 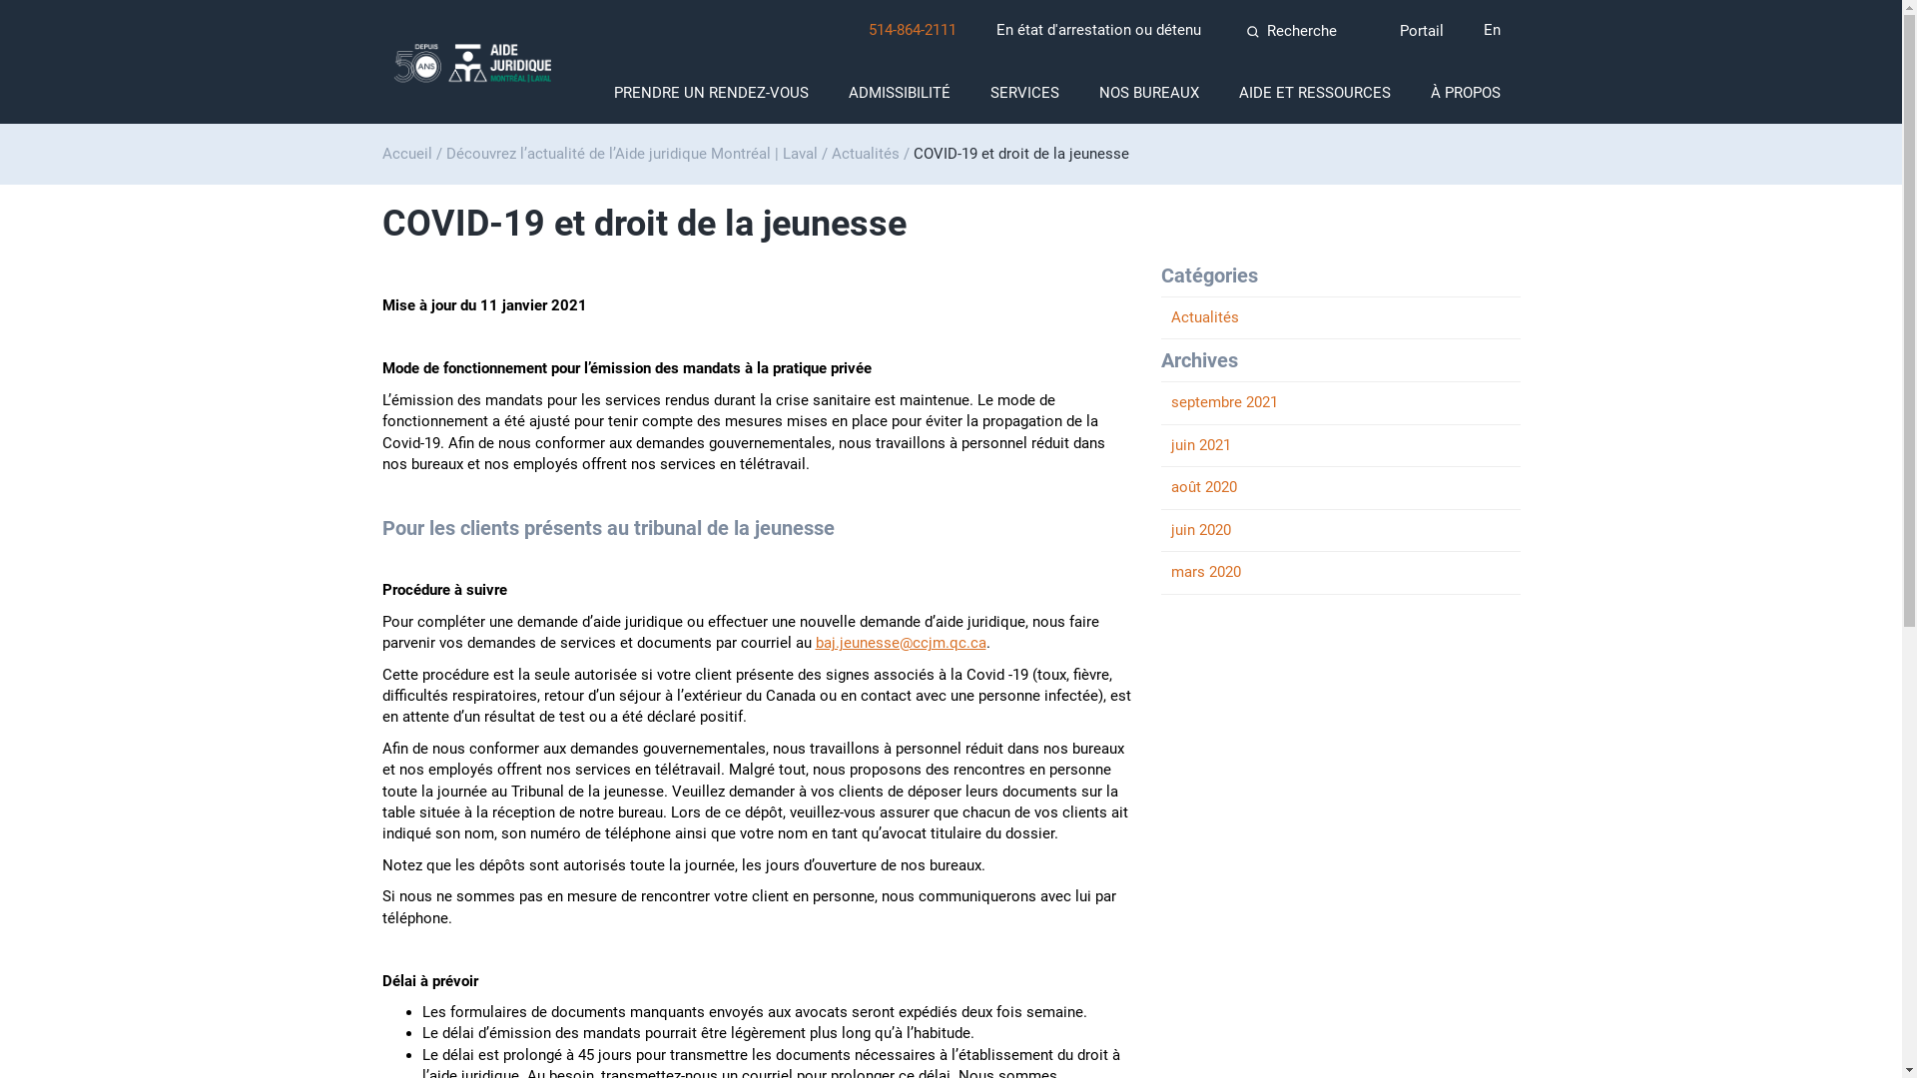 What do you see at coordinates (1340, 444) in the screenshot?
I see `'juin 2021'` at bounding box center [1340, 444].